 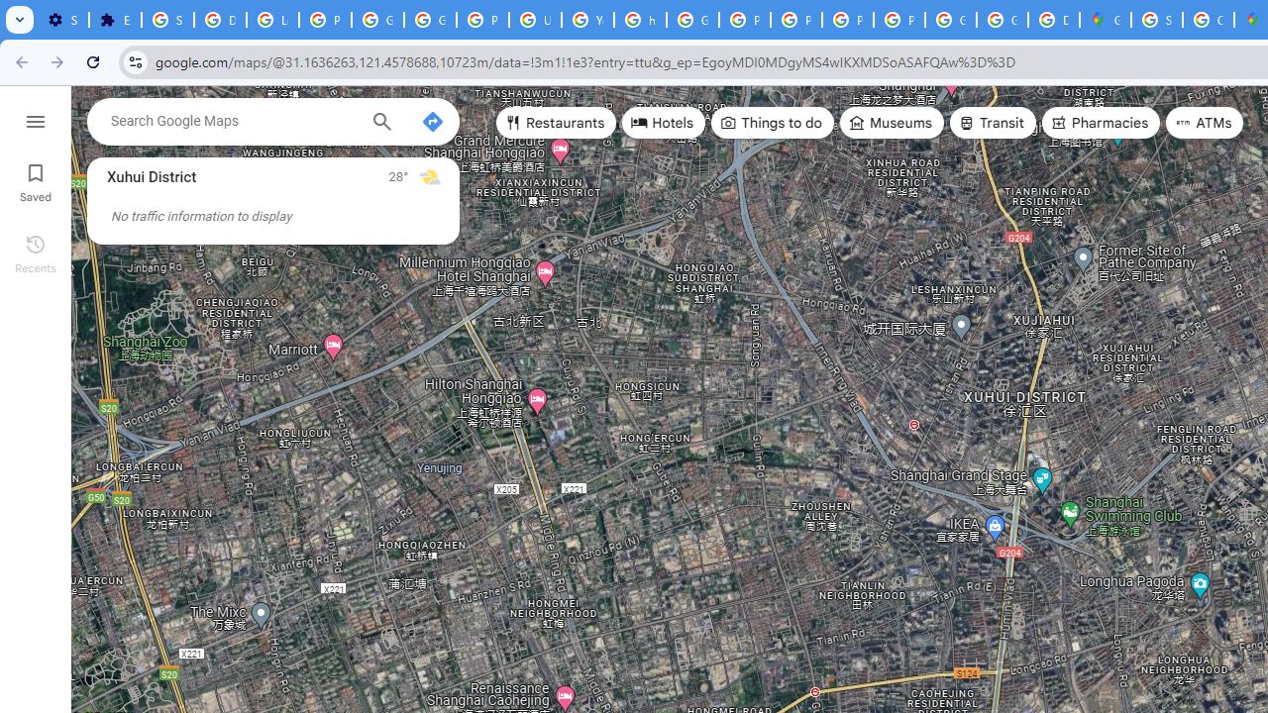 I want to click on 'Hotels', so click(x=664, y=123).